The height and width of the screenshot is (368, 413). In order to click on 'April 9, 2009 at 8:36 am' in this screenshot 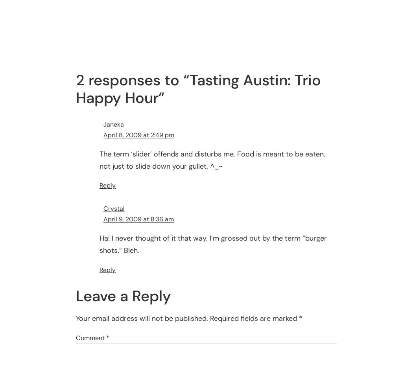, I will do `click(103, 219)`.